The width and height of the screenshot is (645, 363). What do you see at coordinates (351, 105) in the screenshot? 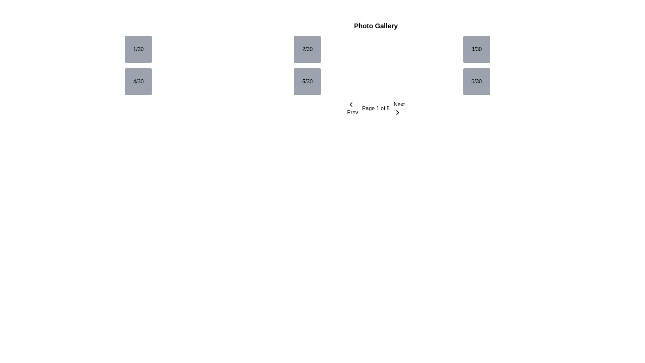
I see `the left-pointing chevron icon inside the 'Prev' button` at bounding box center [351, 105].